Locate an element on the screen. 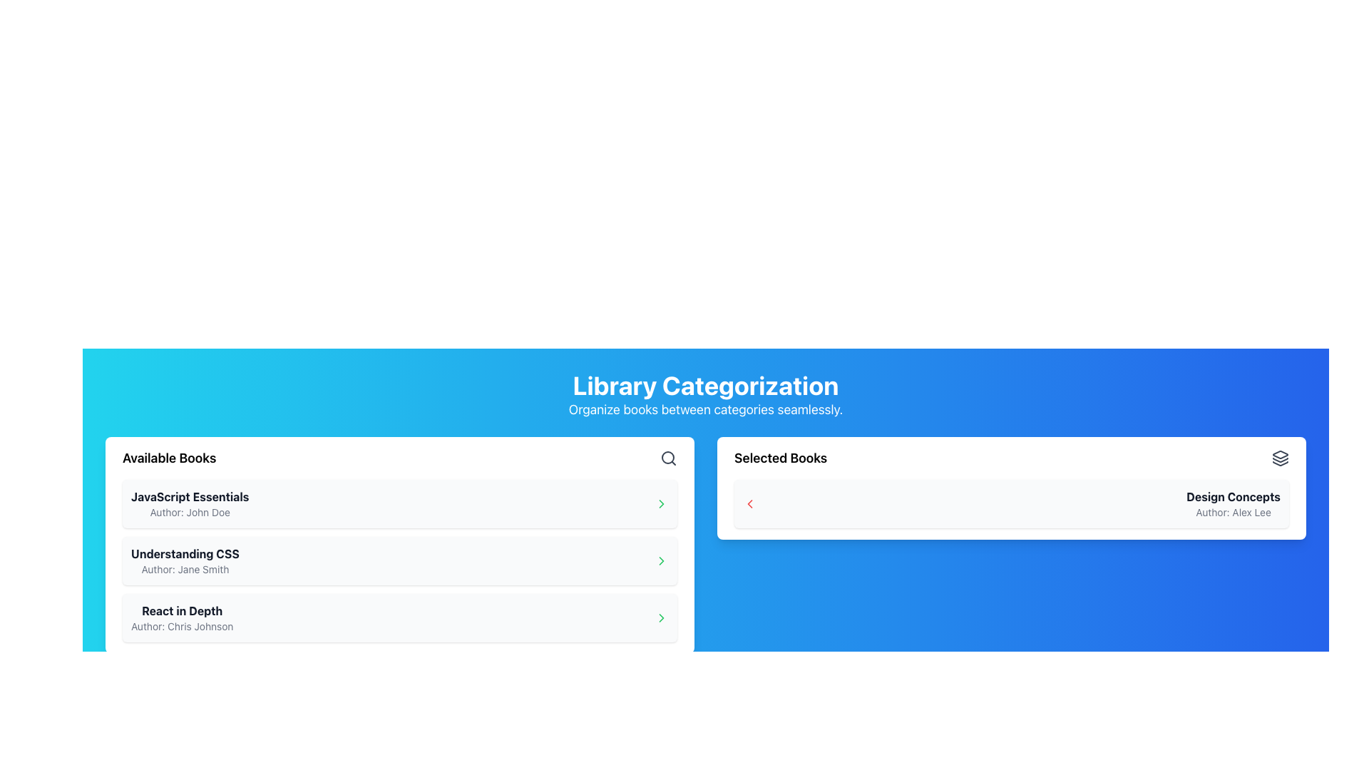  the icon button located to the far right of the 'JavaScript Essentials Author: John Doe' text is located at coordinates (660, 503).